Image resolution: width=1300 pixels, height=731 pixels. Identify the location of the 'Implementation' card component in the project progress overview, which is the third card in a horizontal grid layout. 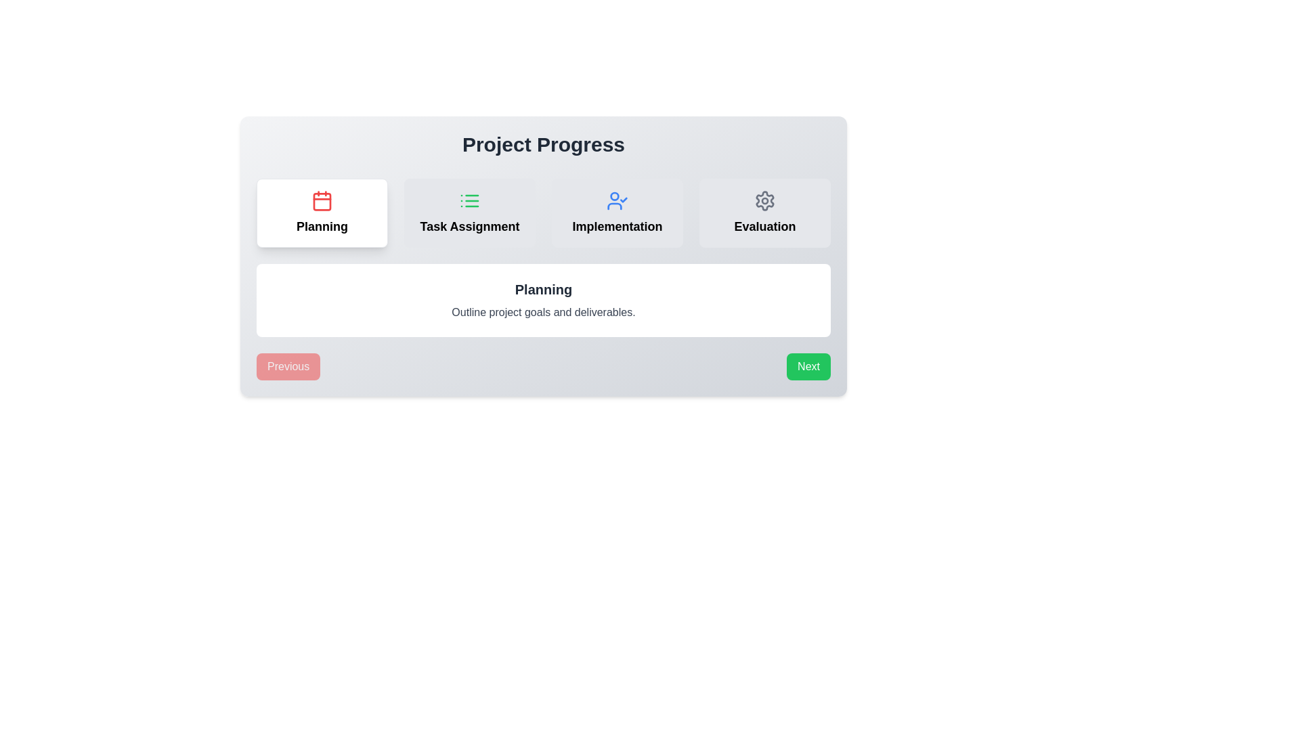
(617, 213).